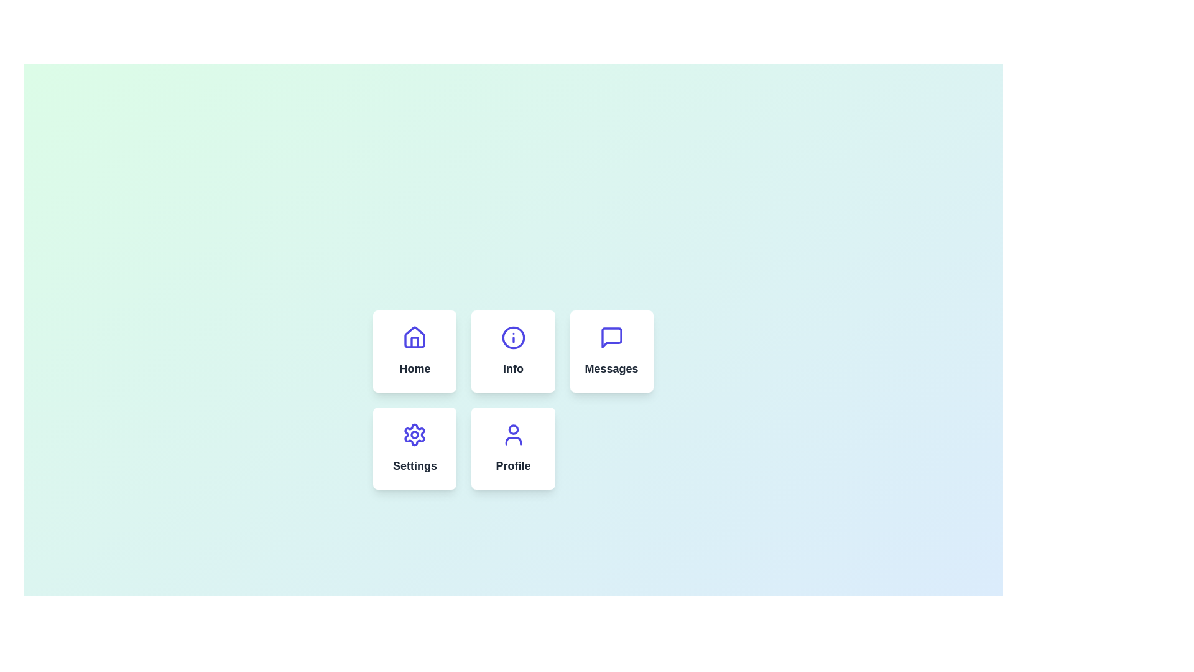  I want to click on the 'Messages' iconic navigation button located at the top-right of the grid, so click(611, 338).